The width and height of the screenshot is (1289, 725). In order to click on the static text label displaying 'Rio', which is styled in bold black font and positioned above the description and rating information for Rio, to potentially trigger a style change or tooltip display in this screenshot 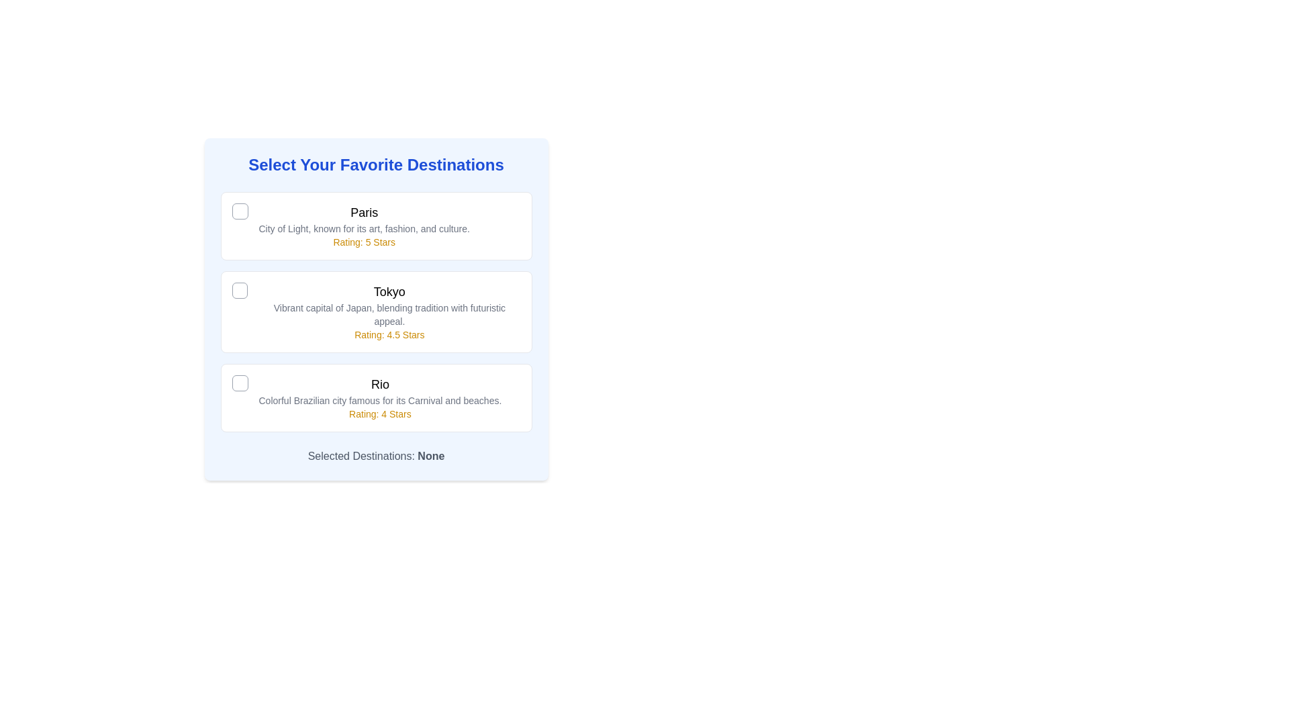, I will do `click(379, 385)`.